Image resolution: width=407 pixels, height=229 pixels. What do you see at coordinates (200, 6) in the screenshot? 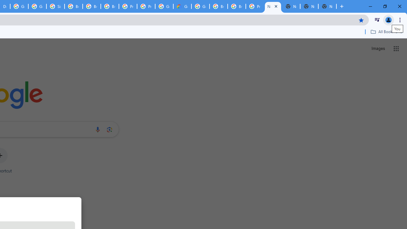
I see `'Google Cloud Platform'` at bounding box center [200, 6].